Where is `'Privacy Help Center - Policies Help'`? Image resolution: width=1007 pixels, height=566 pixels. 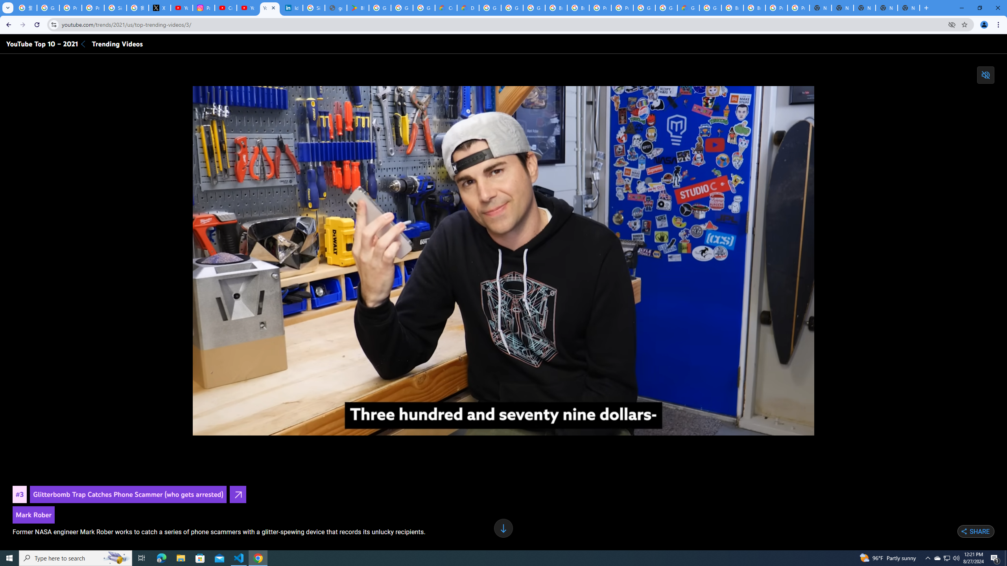
'Privacy Help Center - Policies Help' is located at coordinates (70, 7).